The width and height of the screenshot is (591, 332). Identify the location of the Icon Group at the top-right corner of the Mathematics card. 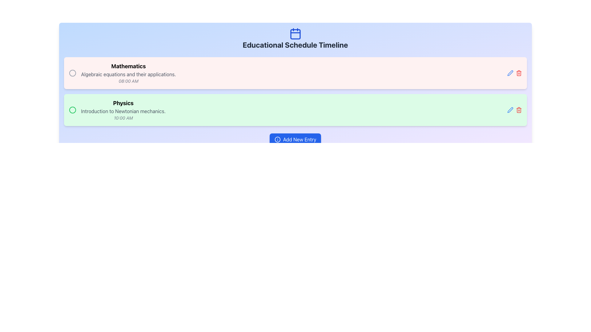
(514, 73).